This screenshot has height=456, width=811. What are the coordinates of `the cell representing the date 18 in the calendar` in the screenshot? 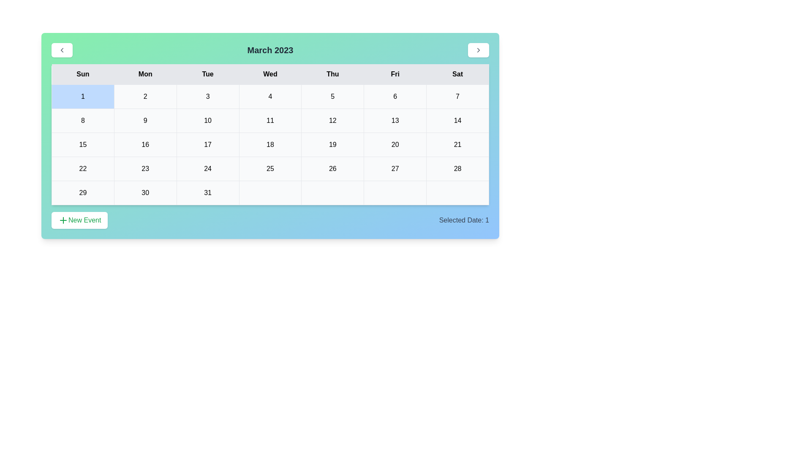 It's located at (269, 144).